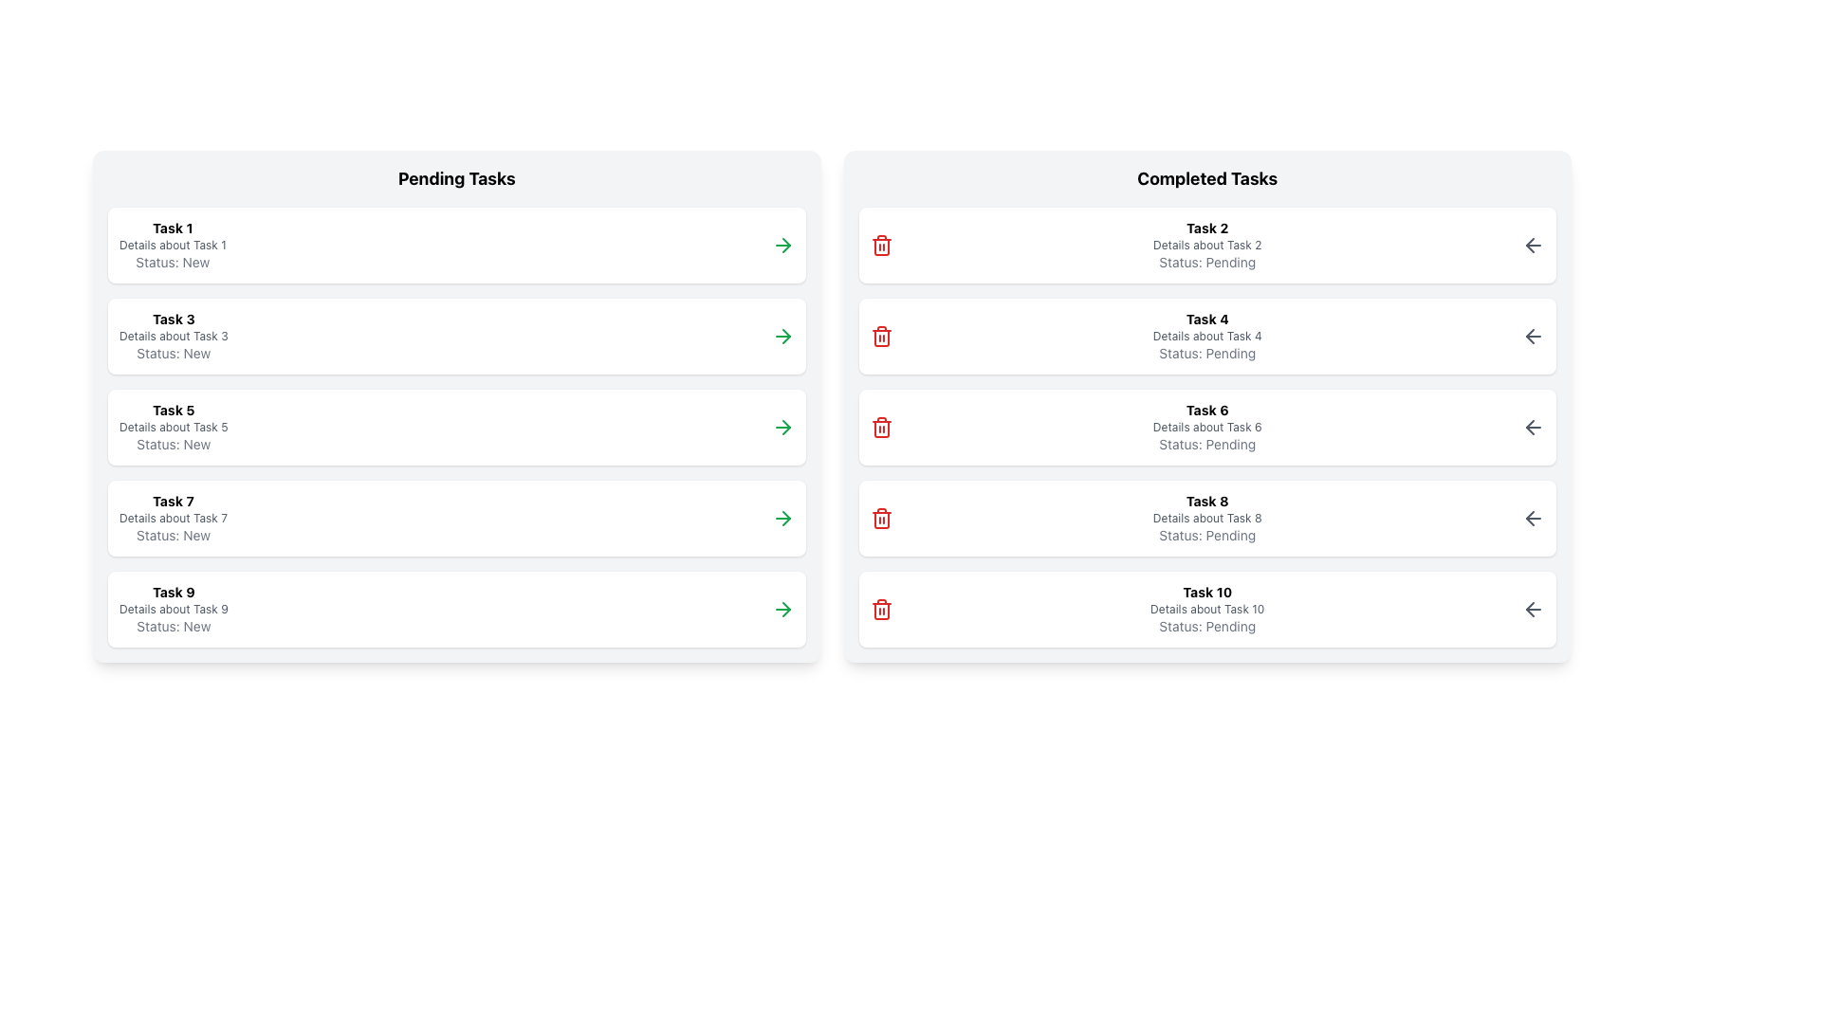 The width and height of the screenshot is (1821, 1024). I want to click on the left arrow icon located at the rightmost position of the card labeled 'Task 10' in the 'Completed Tasks' section, so click(1534, 610).